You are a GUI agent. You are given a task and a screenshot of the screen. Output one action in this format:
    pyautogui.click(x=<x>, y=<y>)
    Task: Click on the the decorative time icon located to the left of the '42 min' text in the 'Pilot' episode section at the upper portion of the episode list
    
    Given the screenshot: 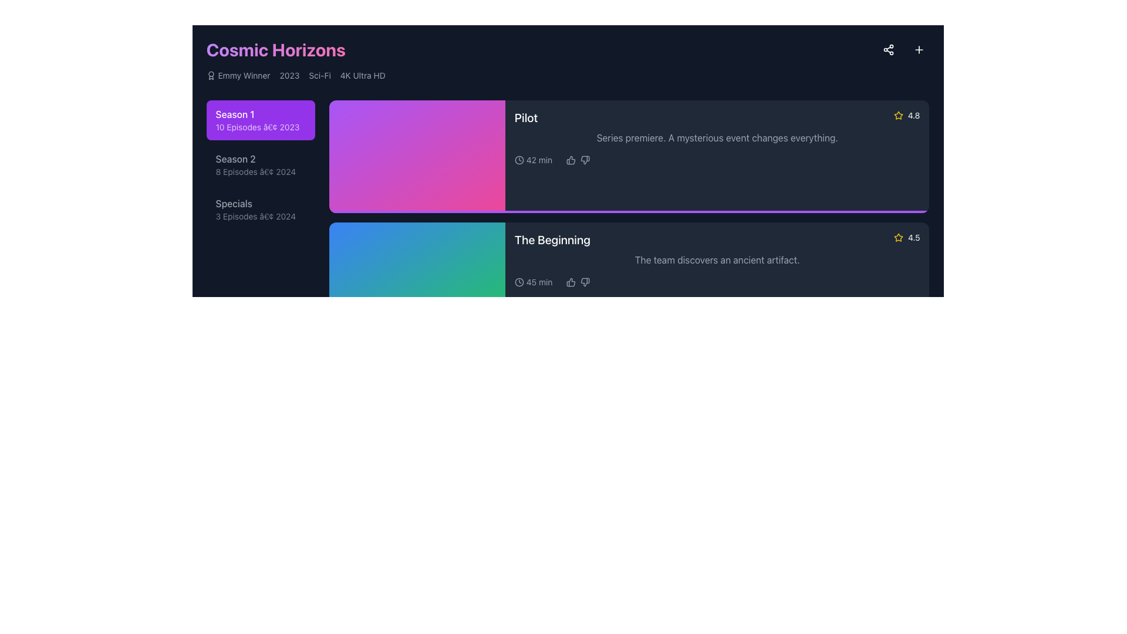 What is the action you would take?
    pyautogui.click(x=518, y=160)
    